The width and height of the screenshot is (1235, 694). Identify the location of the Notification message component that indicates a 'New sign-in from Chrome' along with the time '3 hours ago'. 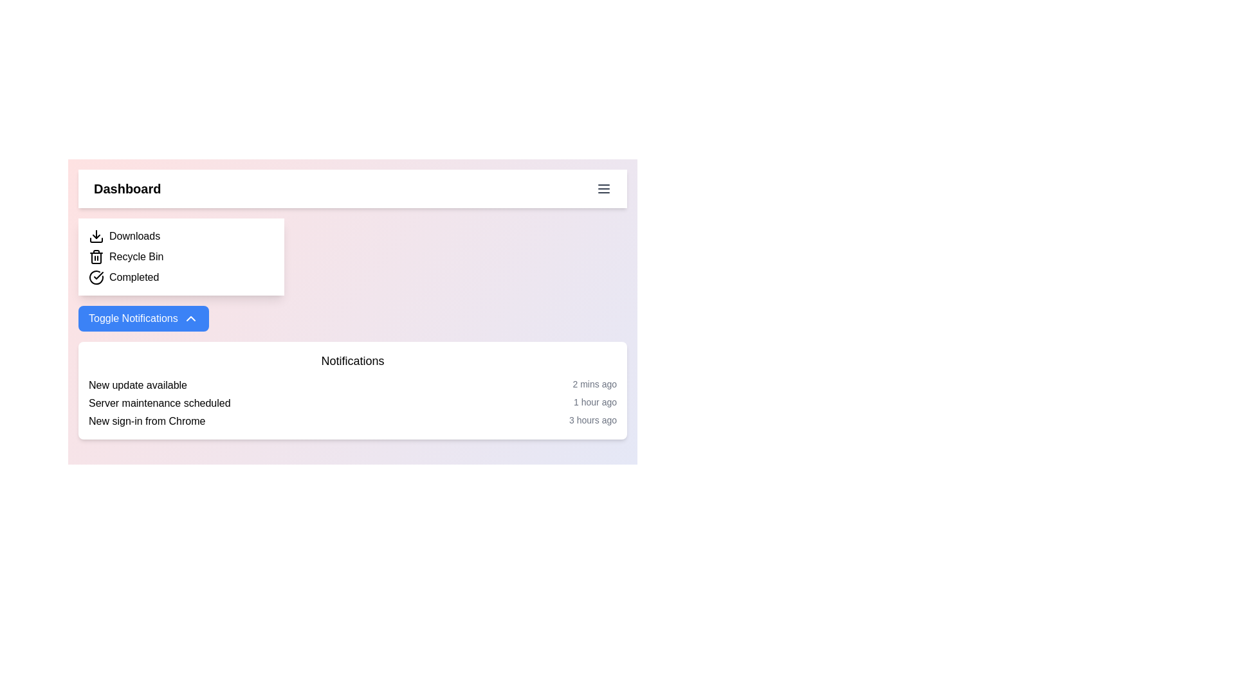
(352, 421).